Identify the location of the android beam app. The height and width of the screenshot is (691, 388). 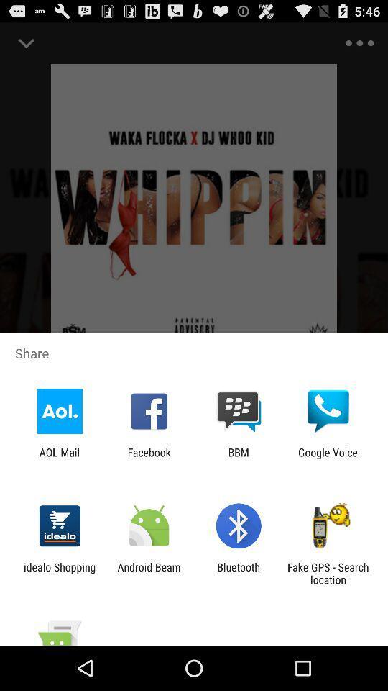
(148, 573).